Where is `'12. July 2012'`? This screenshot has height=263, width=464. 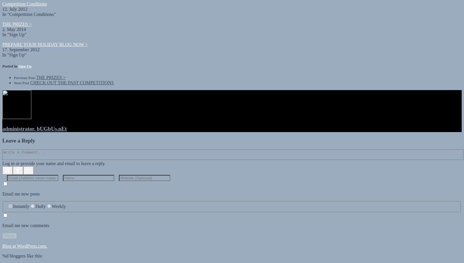 '12. July 2012' is located at coordinates (2, 3).